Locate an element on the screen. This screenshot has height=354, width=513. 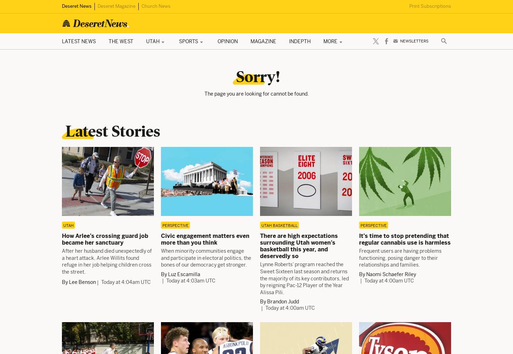
'It’s time to stop pretending that regular cannabis use is harmless' is located at coordinates (359, 239).